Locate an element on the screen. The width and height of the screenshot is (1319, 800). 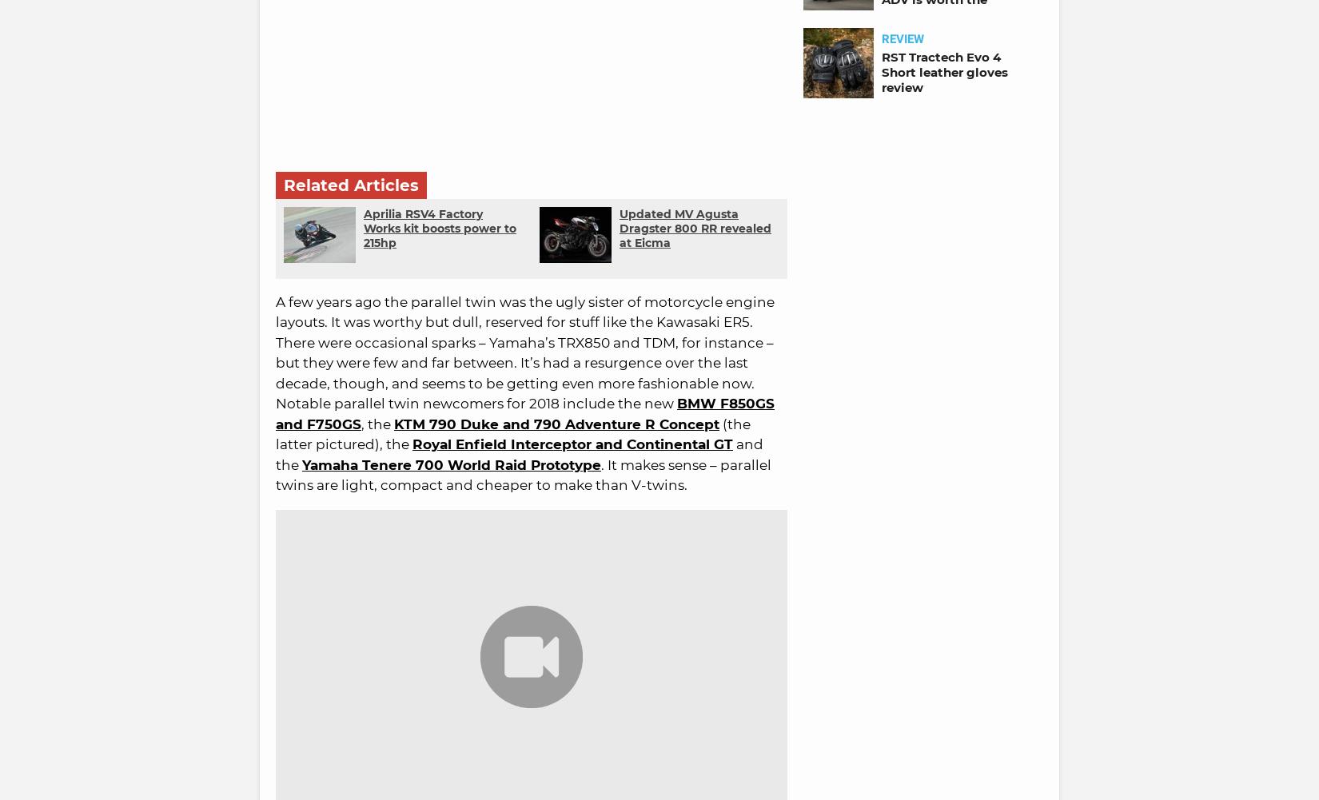
'Royal Enfield Interceptor and Continental GT' is located at coordinates (572, 443).